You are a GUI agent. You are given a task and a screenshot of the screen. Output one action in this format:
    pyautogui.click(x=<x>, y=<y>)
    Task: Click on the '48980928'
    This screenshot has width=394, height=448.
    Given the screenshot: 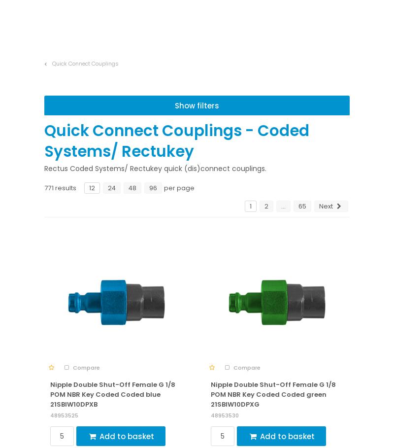 What is the action you would take?
    pyautogui.click(x=224, y=305)
    